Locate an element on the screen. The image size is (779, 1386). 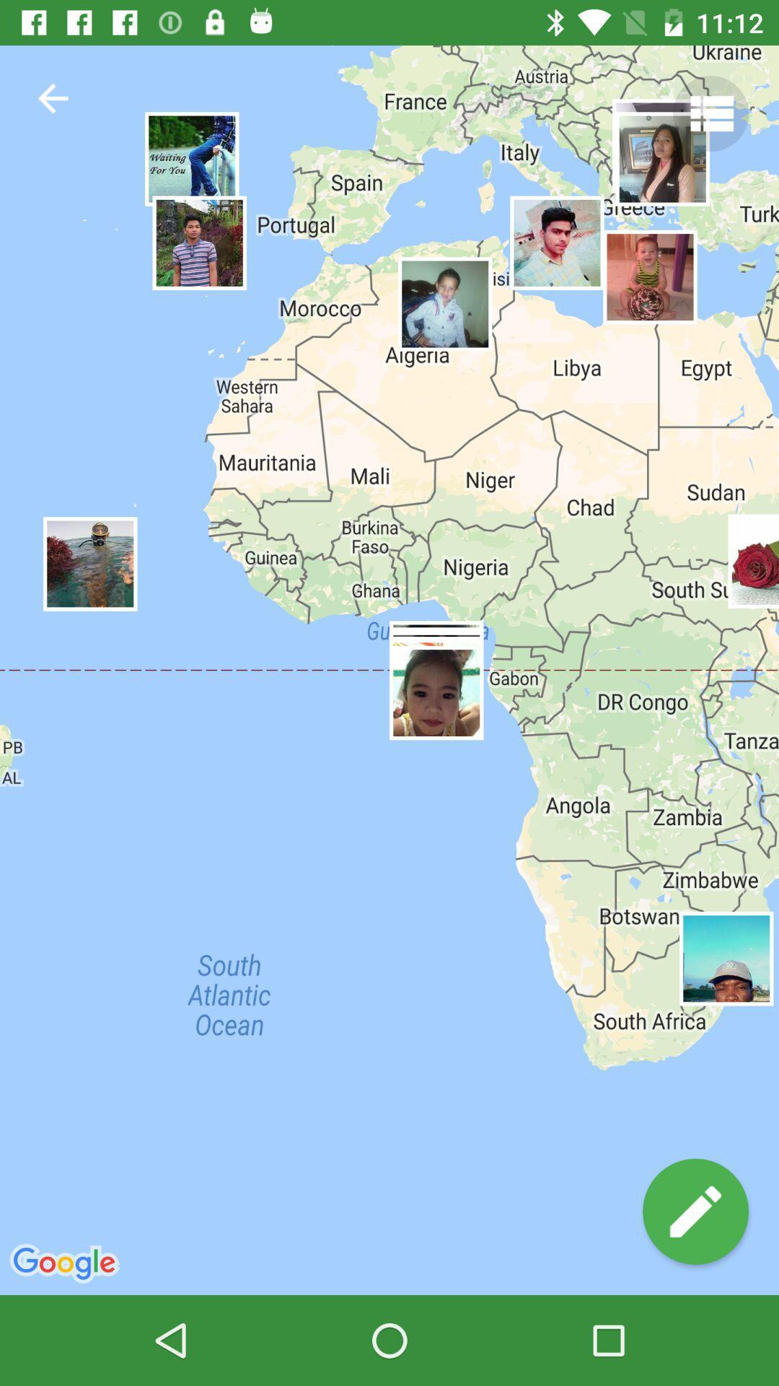
the edit icon is located at coordinates (695, 1211).